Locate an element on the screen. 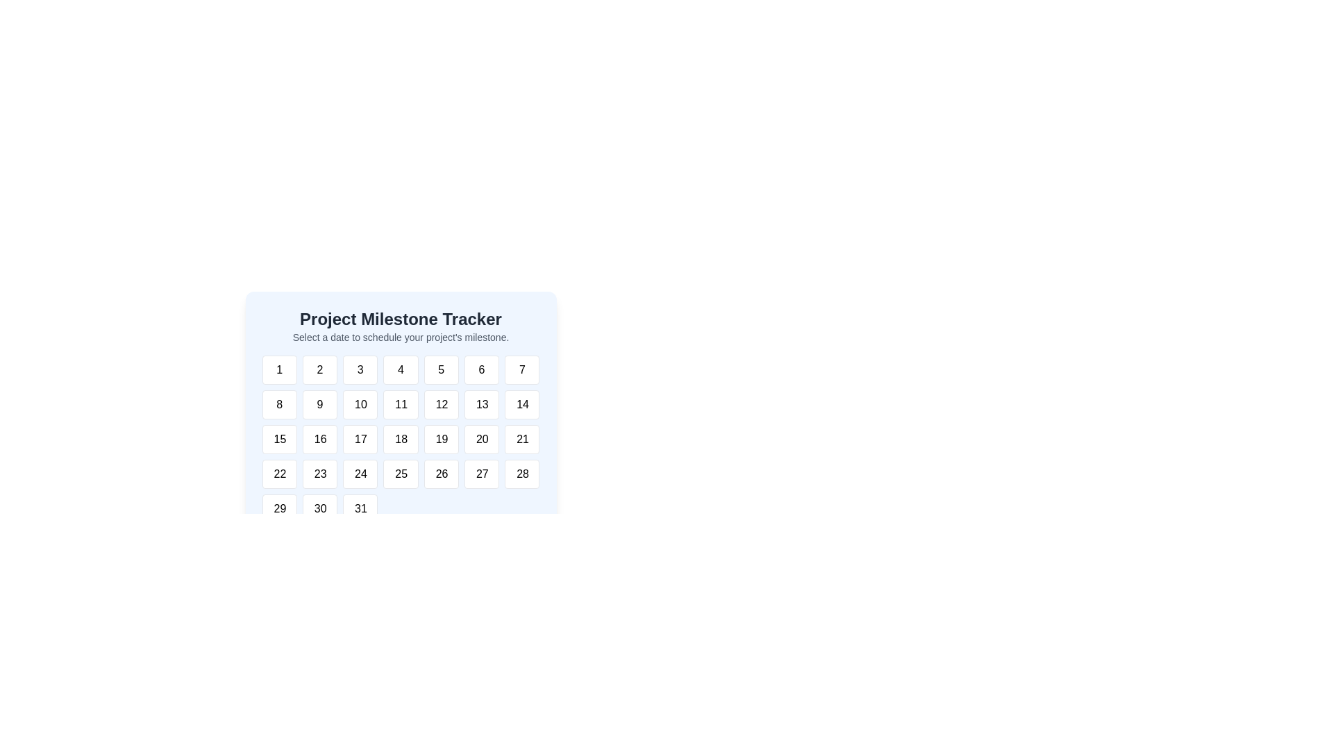 This screenshot has height=750, width=1333. the rectangular button labeled '6' with a white background and light gray border in the 'Project Milestone Tracker' section is located at coordinates (482, 369).